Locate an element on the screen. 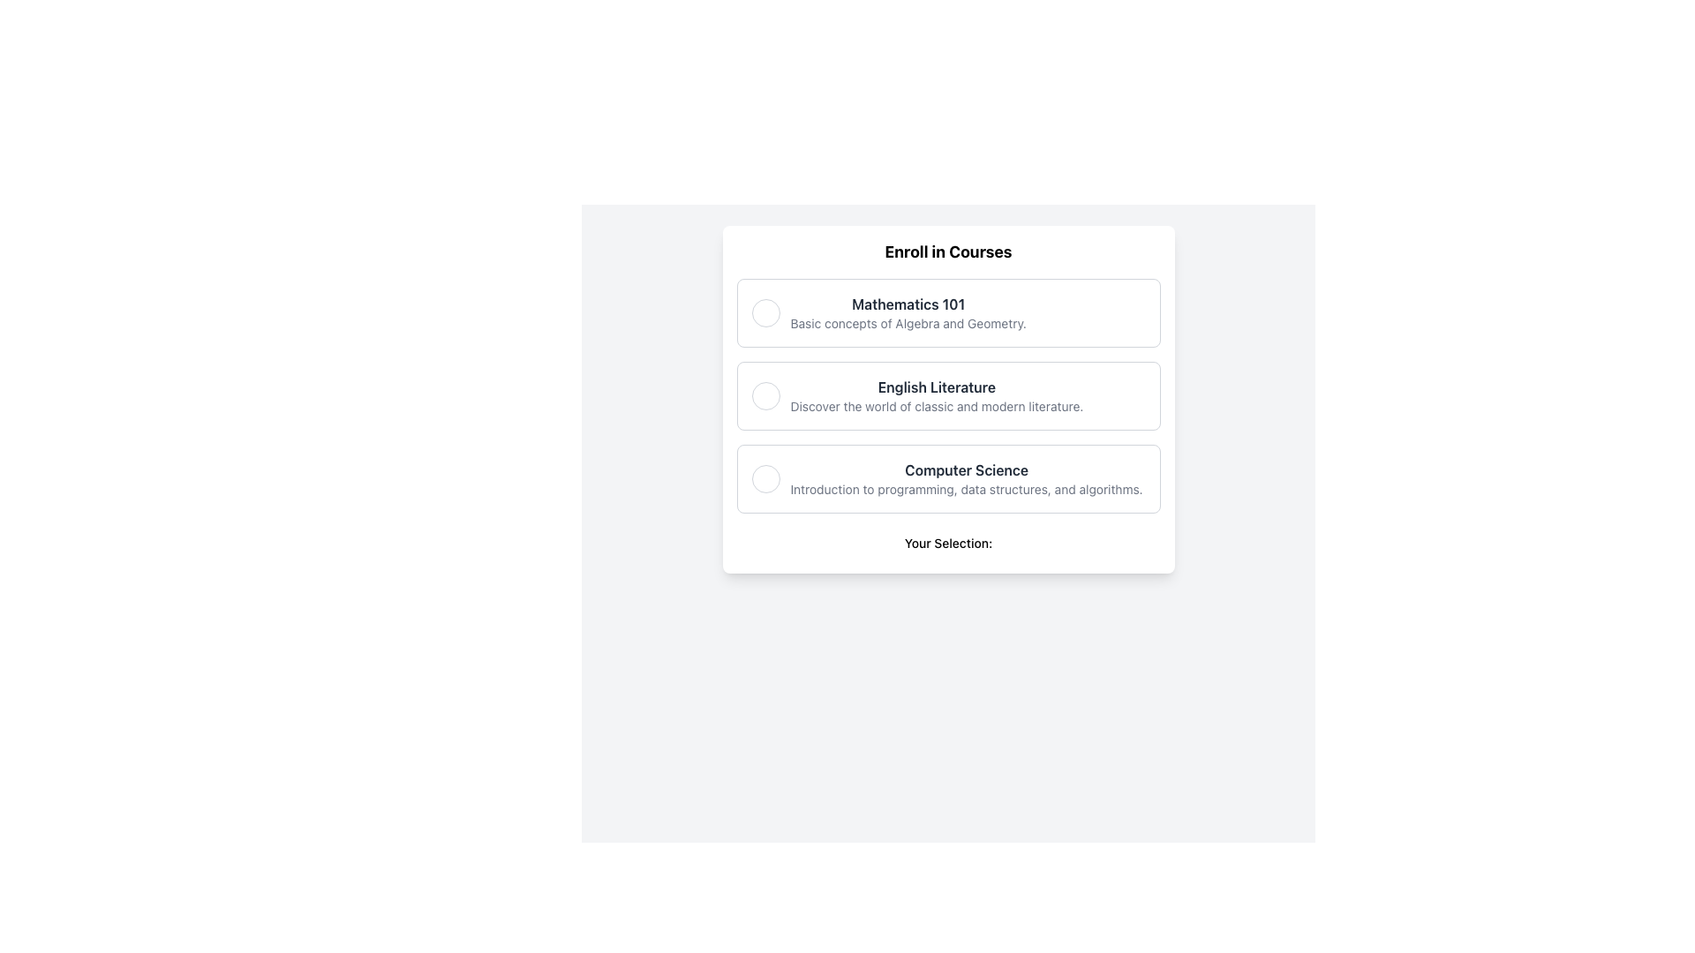  the bold text 'Enroll in Courses' at the top of the white rectangular card, which serves as the title of the module is located at coordinates (947, 251).